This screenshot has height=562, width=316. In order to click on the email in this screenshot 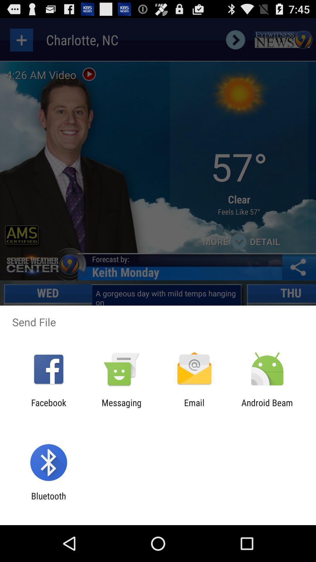, I will do `click(194, 407)`.